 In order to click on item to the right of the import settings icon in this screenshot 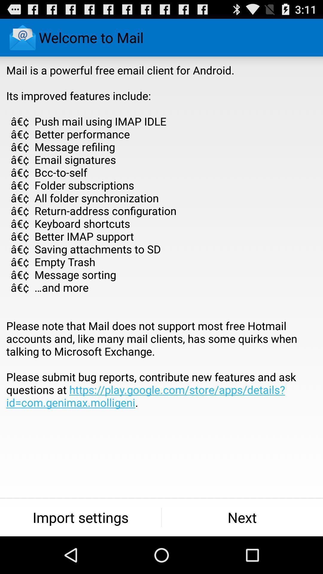, I will do `click(242, 517)`.